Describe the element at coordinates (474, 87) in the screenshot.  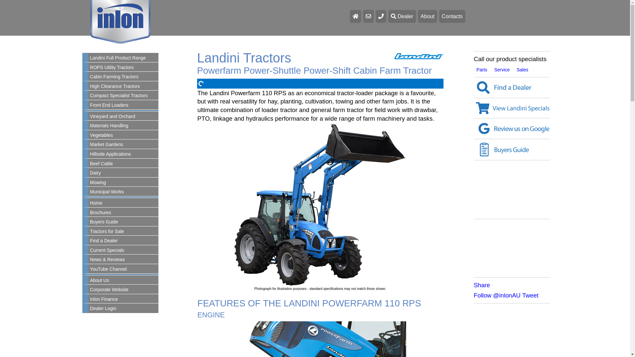
I see `'Find a Dealer'` at that location.